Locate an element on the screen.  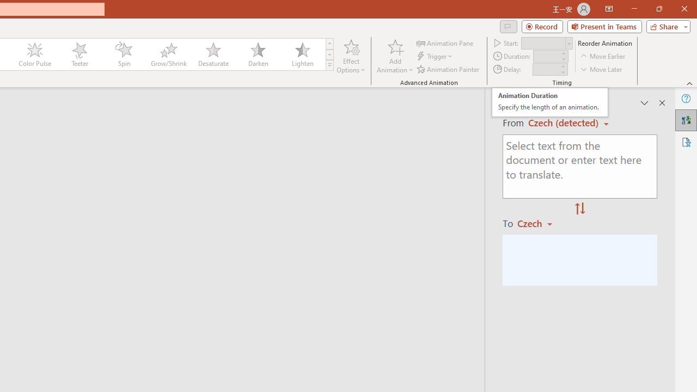
'Desaturate' is located at coordinates (213, 54).